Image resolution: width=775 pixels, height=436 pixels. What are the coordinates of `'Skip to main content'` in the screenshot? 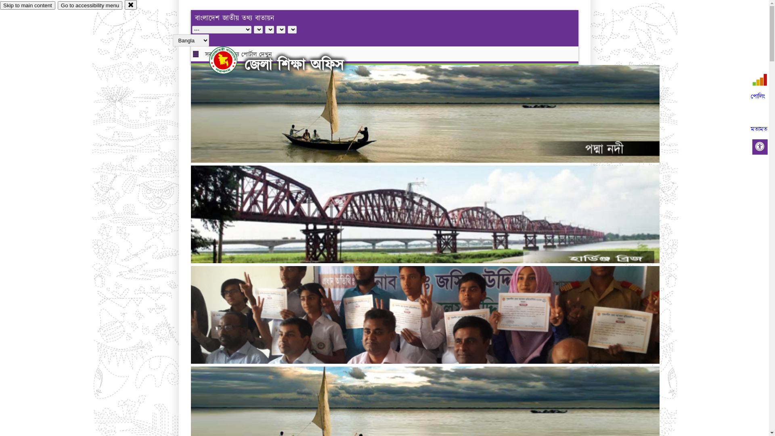 It's located at (27, 5).